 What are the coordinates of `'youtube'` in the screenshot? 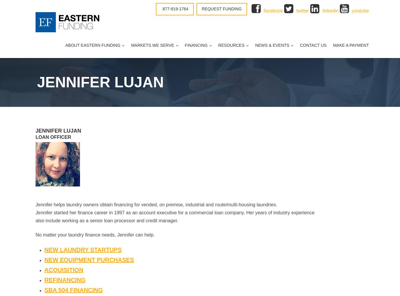 It's located at (352, 11).